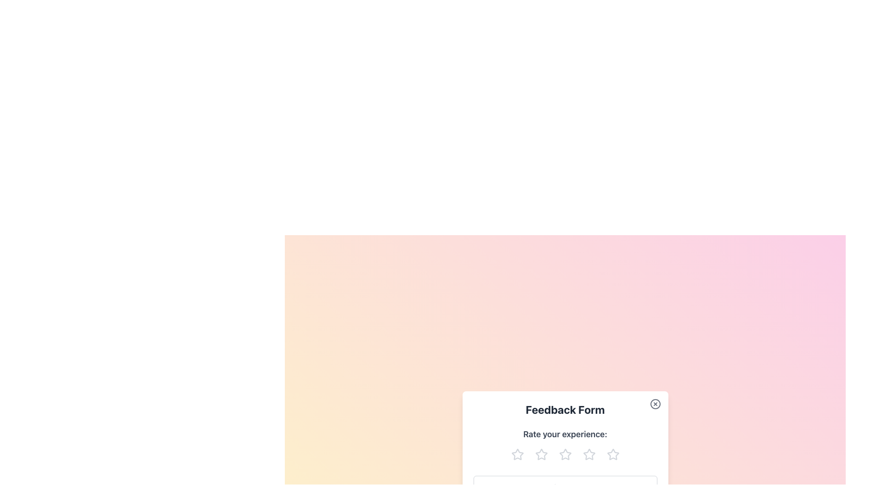 The height and width of the screenshot is (496, 882). Describe the element at coordinates (565, 455) in the screenshot. I see `the third star icon in the horizontal rating control` at that location.